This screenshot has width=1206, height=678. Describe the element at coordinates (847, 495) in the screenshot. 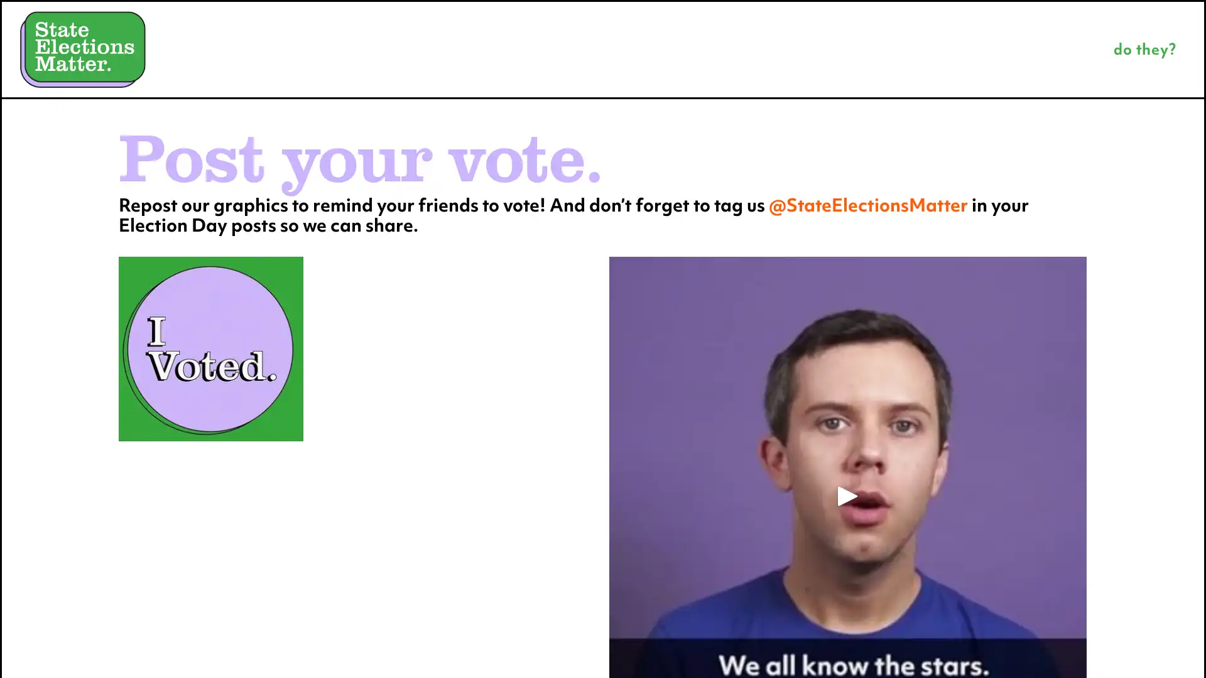

I see `Play` at that location.